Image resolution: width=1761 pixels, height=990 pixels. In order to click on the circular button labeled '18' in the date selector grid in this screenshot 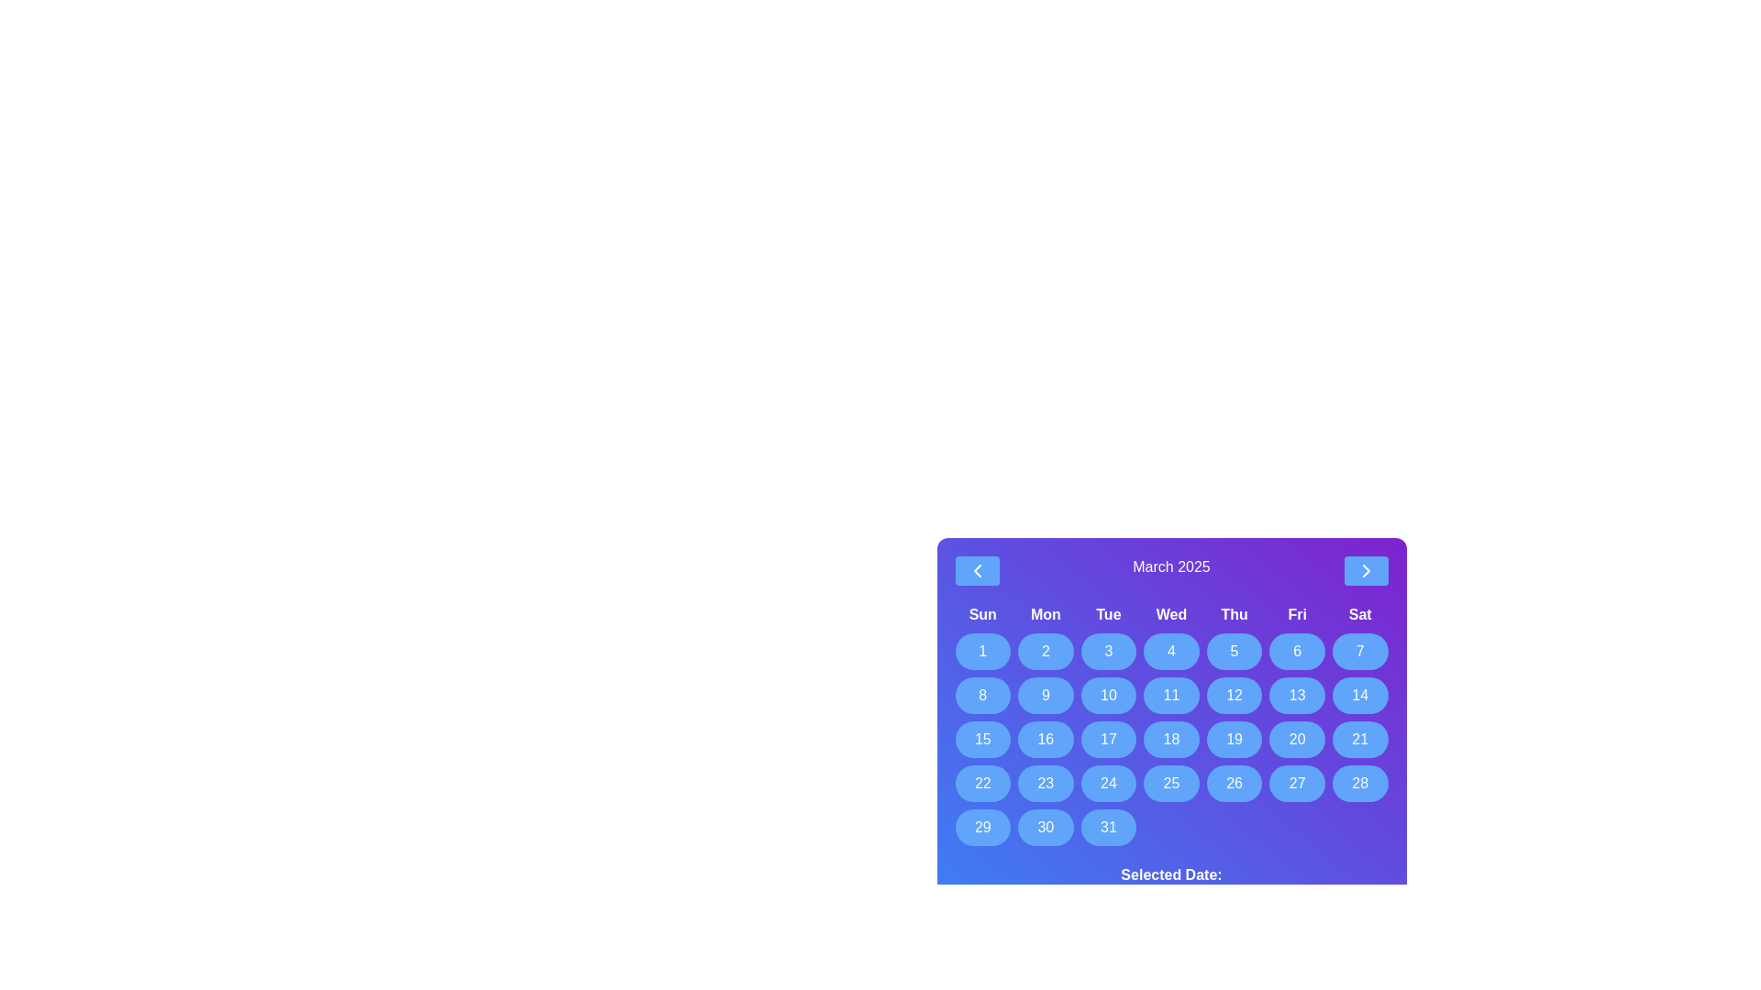, I will do `click(1170, 738)`.